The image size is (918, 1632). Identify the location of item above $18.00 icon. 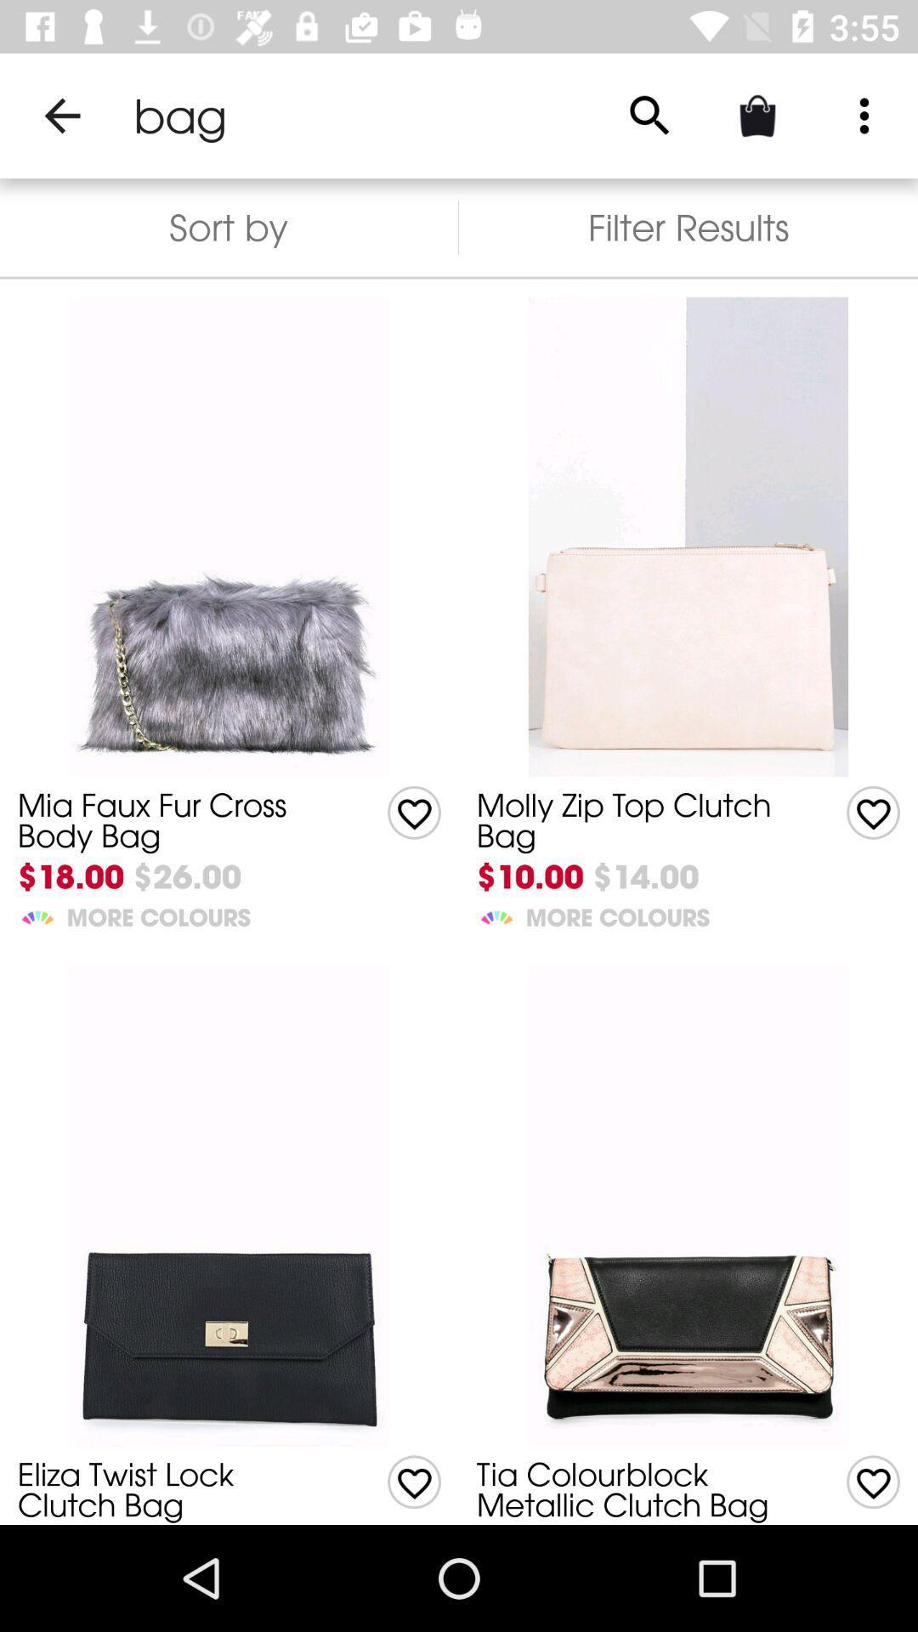
(176, 820).